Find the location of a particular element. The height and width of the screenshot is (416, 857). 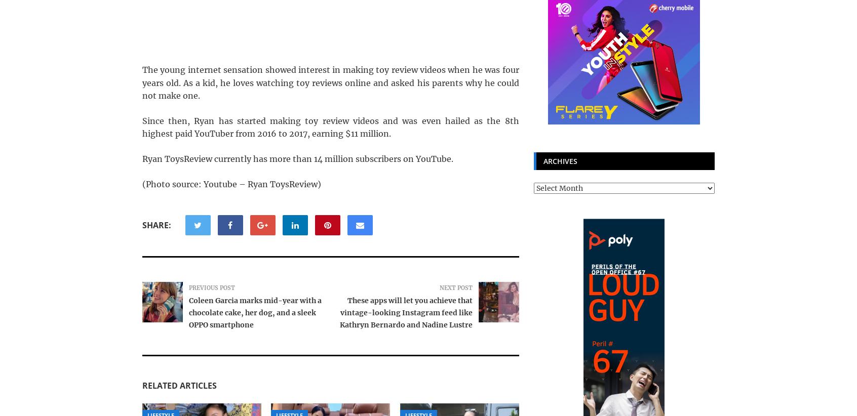

'Related Articles' is located at coordinates (179, 385).